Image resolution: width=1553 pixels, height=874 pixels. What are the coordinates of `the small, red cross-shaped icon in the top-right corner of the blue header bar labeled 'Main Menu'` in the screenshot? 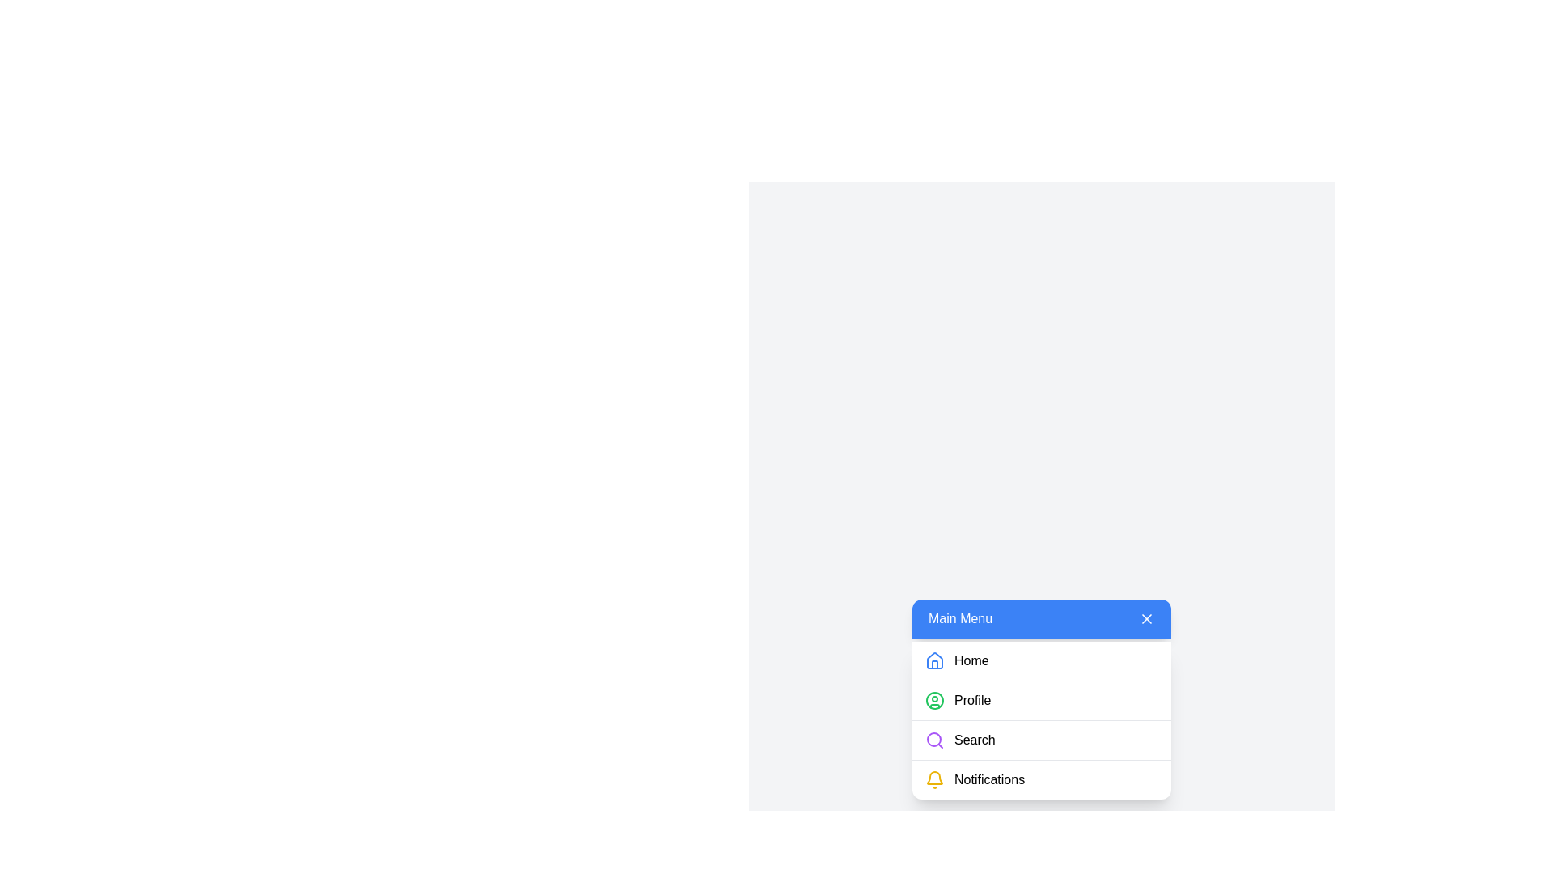 It's located at (1145, 618).